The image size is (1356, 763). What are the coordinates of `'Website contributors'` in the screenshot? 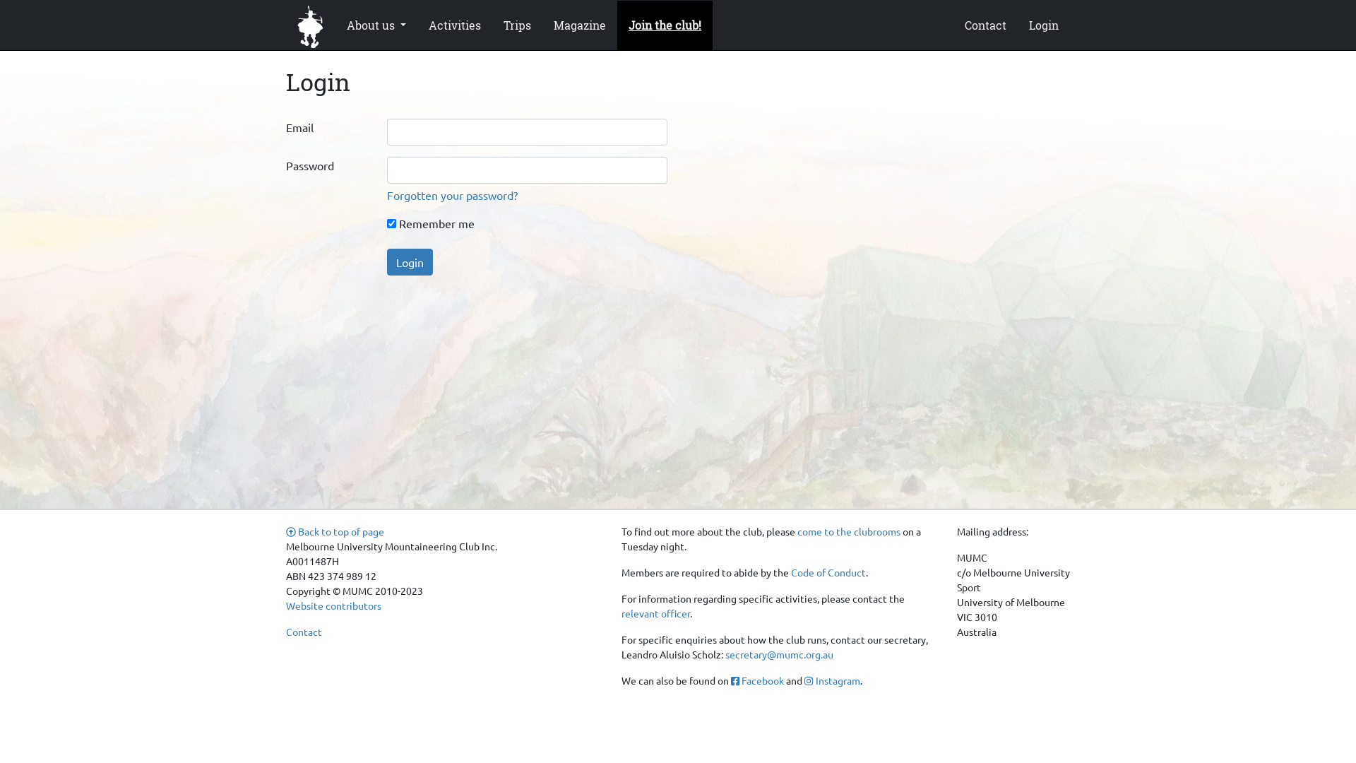 It's located at (333, 604).